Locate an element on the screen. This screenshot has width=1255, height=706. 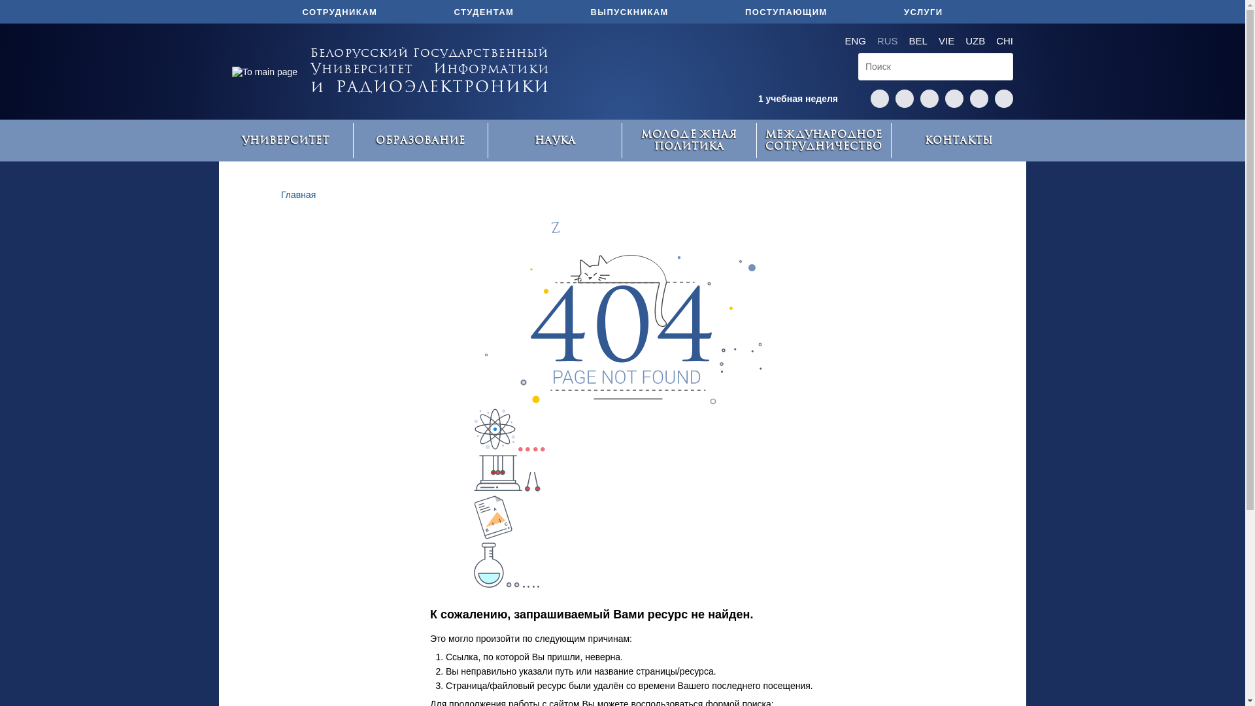
'ENG' is located at coordinates (855, 40).